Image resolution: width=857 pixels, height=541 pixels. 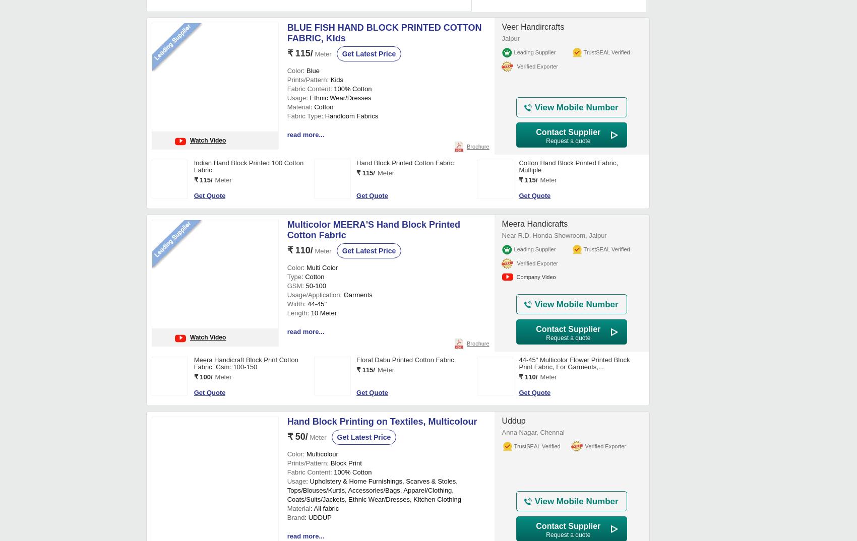 What do you see at coordinates (501, 235) in the screenshot?
I see `'Near R.D. Honda Showroom, Jaipur'` at bounding box center [501, 235].